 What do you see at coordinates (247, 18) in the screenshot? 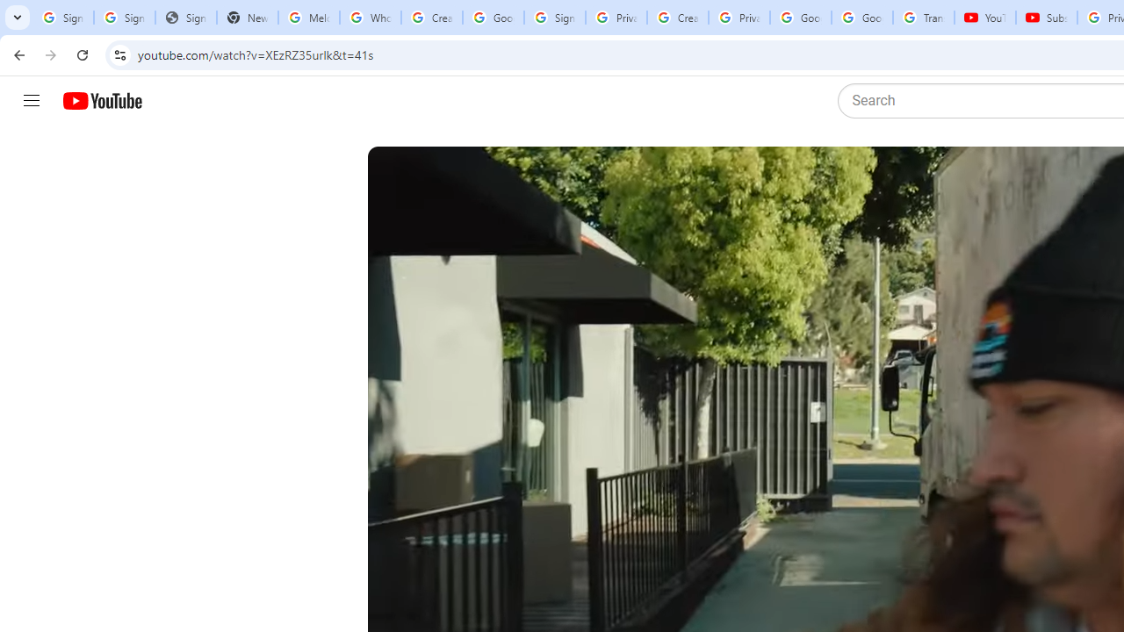
I see `'New Tab'` at bounding box center [247, 18].